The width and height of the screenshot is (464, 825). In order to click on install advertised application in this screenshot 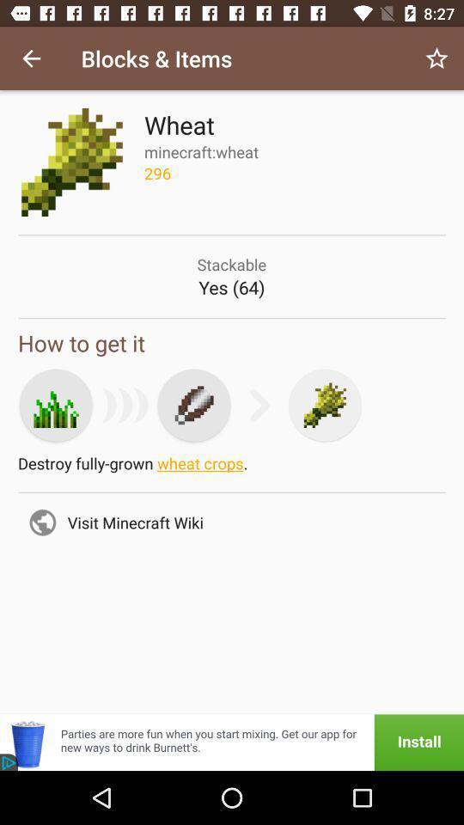, I will do `click(232, 742)`.